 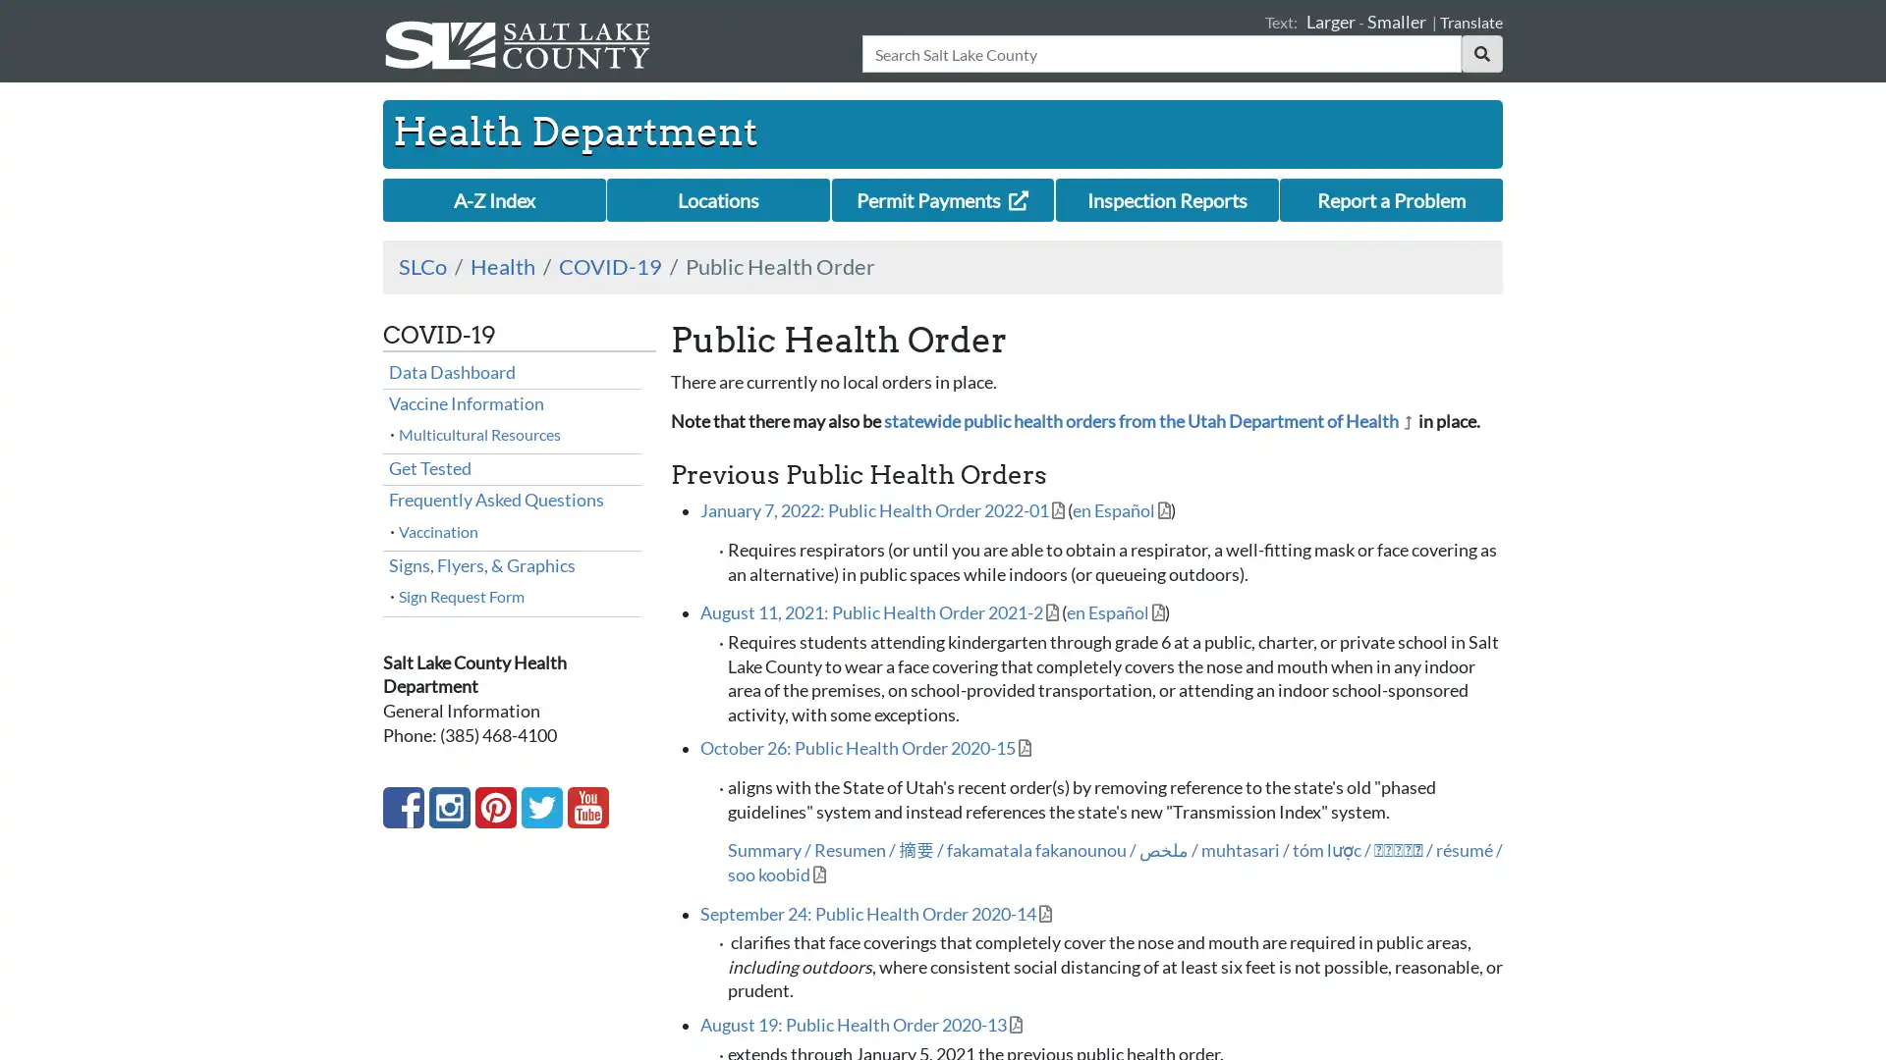 What do you see at coordinates (1330, 23) in the screenshot?
I see `Larger` at bounding box center [1330, 23].